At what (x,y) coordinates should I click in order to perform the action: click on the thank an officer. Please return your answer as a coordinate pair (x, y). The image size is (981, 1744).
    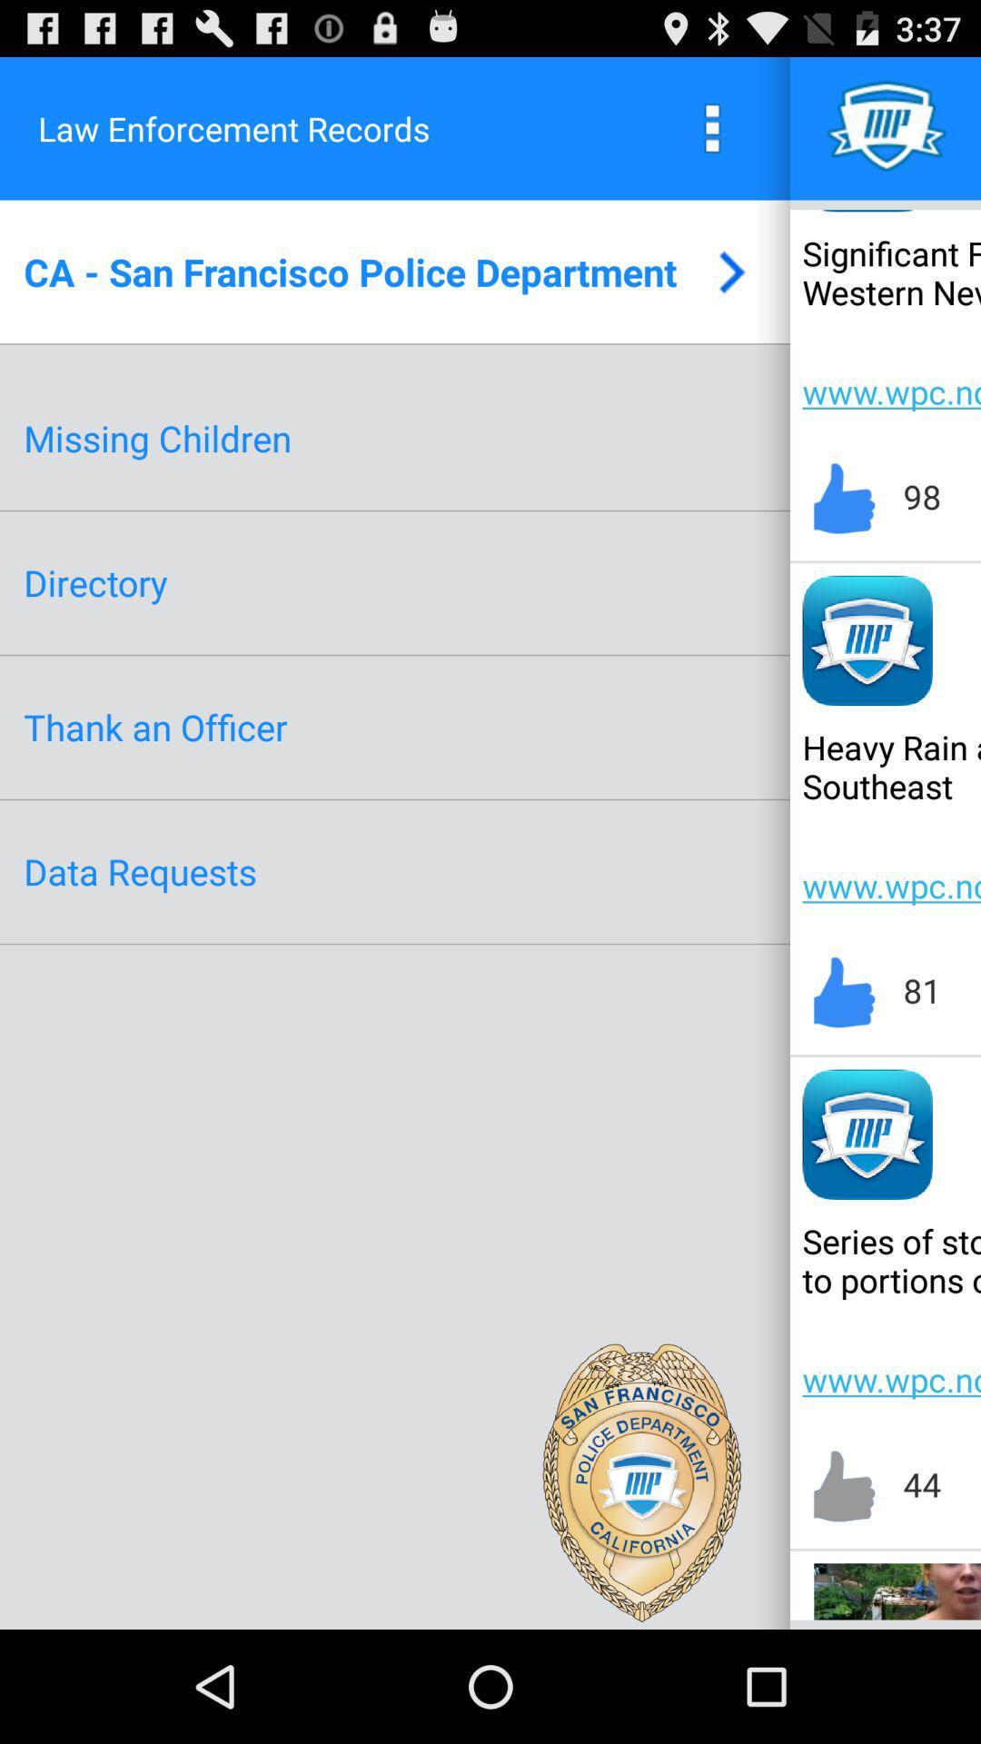
    Looking at the image, I should click on (154, 727).